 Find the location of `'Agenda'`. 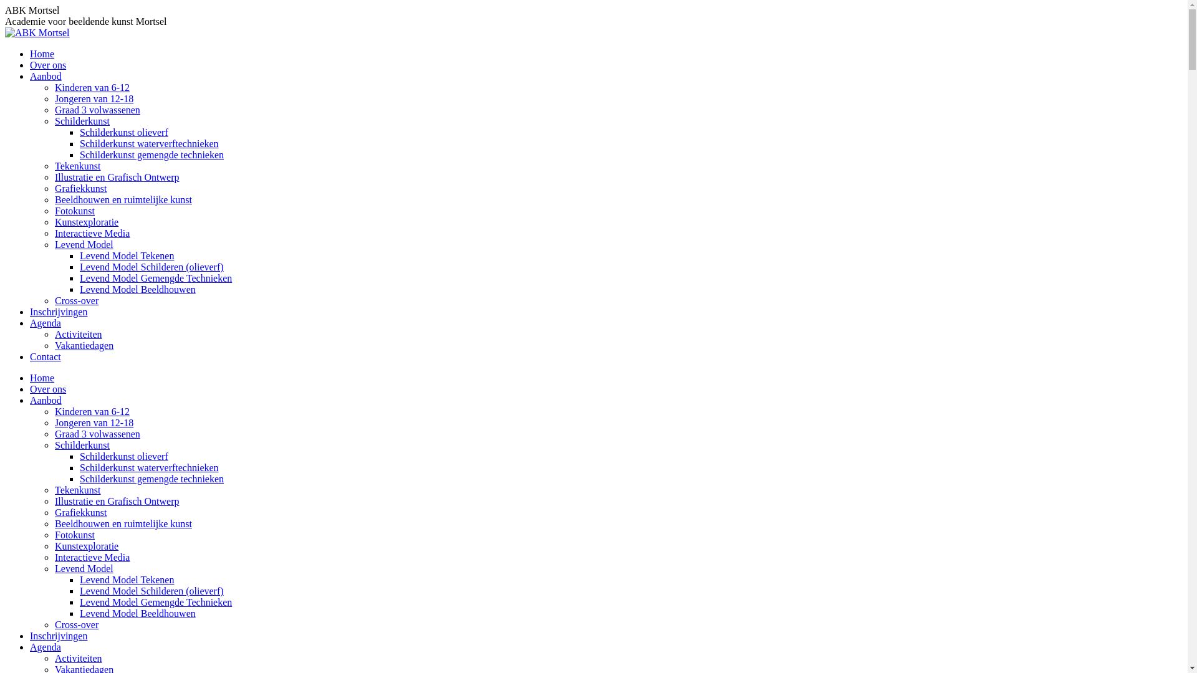

'Agenda' is located at coordinates (45, 322).